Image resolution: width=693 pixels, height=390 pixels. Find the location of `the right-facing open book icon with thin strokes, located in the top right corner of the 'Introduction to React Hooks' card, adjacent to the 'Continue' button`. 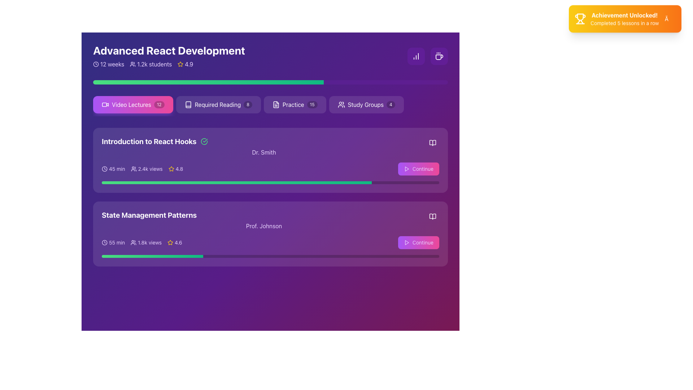

the right-facing open book icon with thin strokes, located in the top right corner of the 'Introduction to React Hooks' card, adjacent to the 'Continue' button is located at coordinates (433, 143).